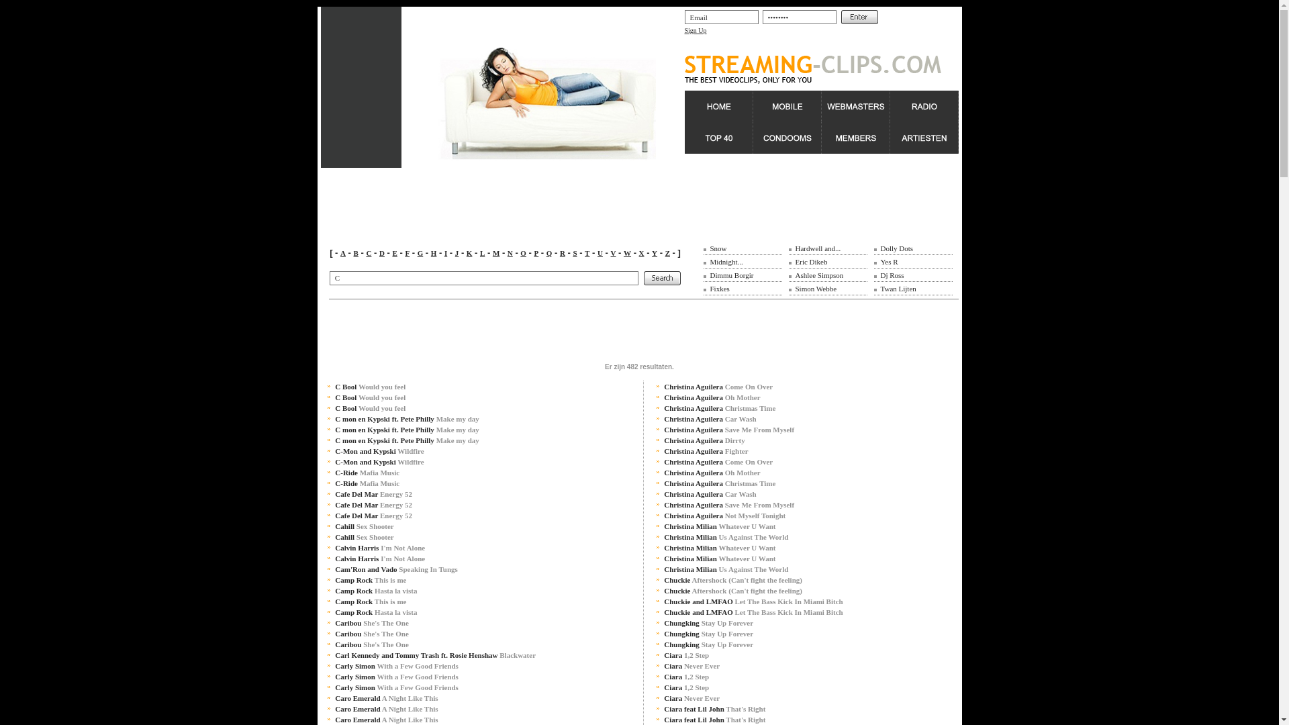  What do you see at coordinates (880, 287) in the screenshot?
I see `'Twan Lijten'` at bounding box center [880, 287].